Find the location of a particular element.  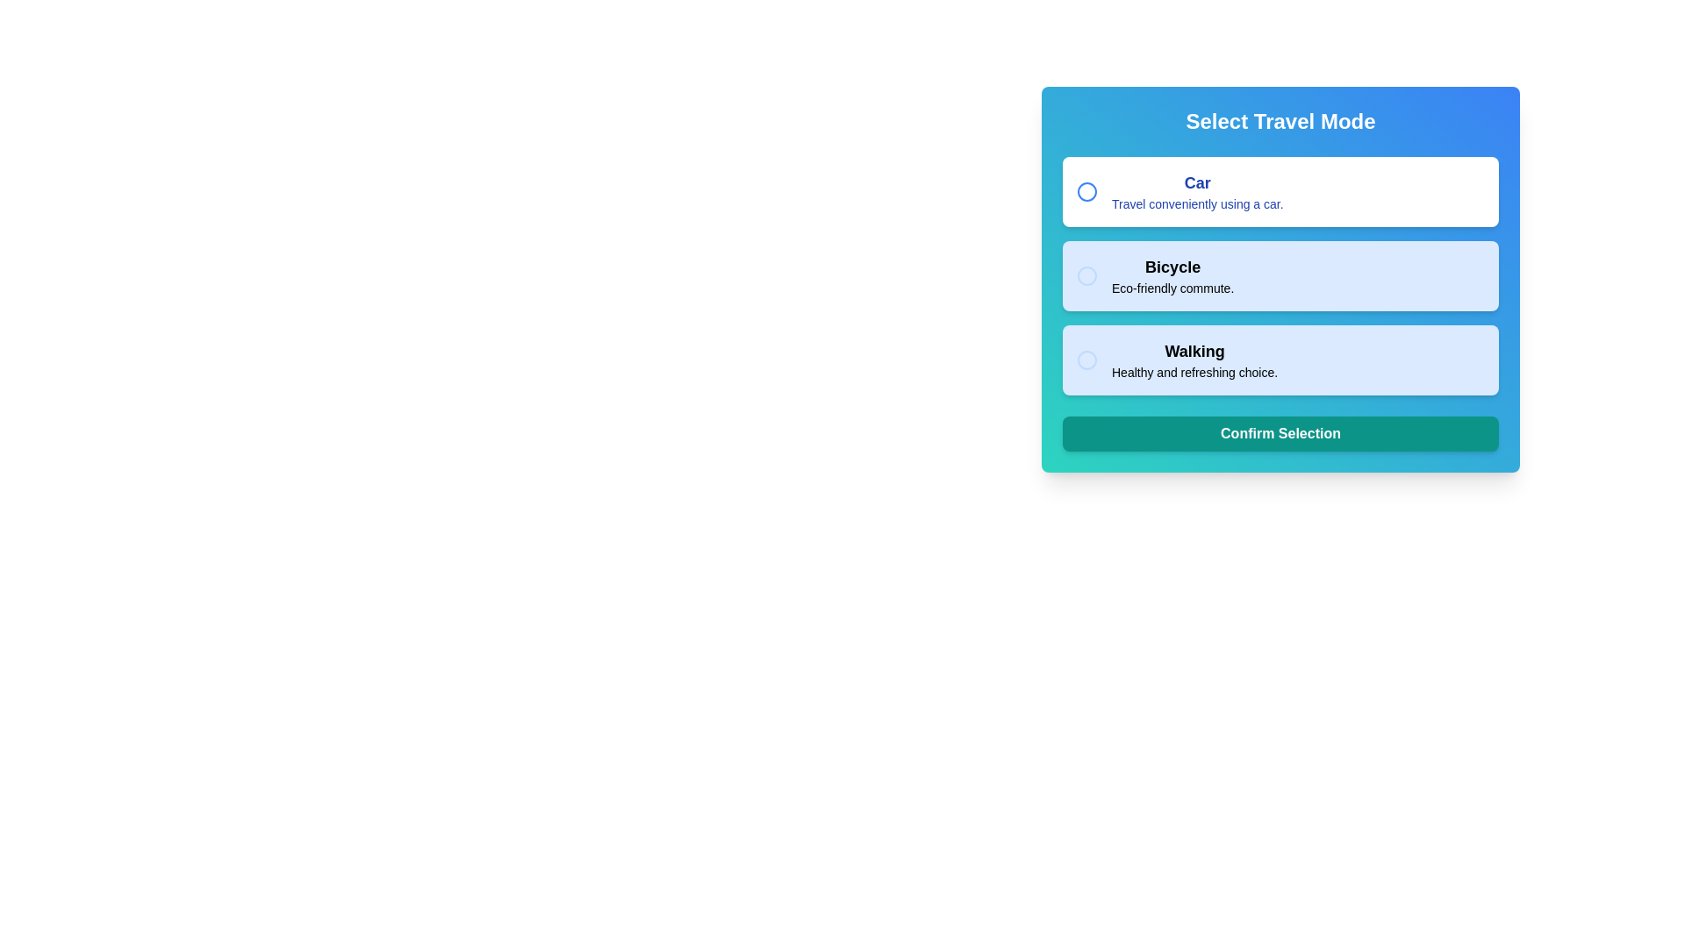

the selectable option for 'Bicycle' in the vertical list of travel mode choices is located at coordinates (1280, 276).